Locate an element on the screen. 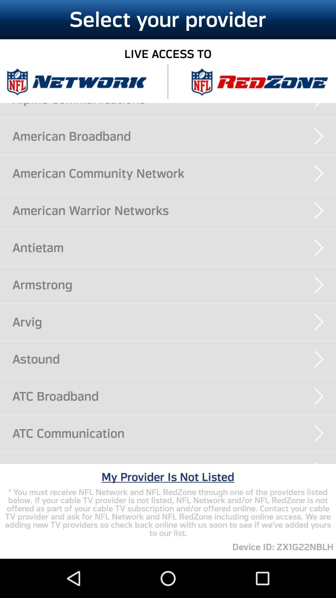 The height and width of the screenshot is (598, 336). atlantic broadband app is located at coordinates (174, 464).